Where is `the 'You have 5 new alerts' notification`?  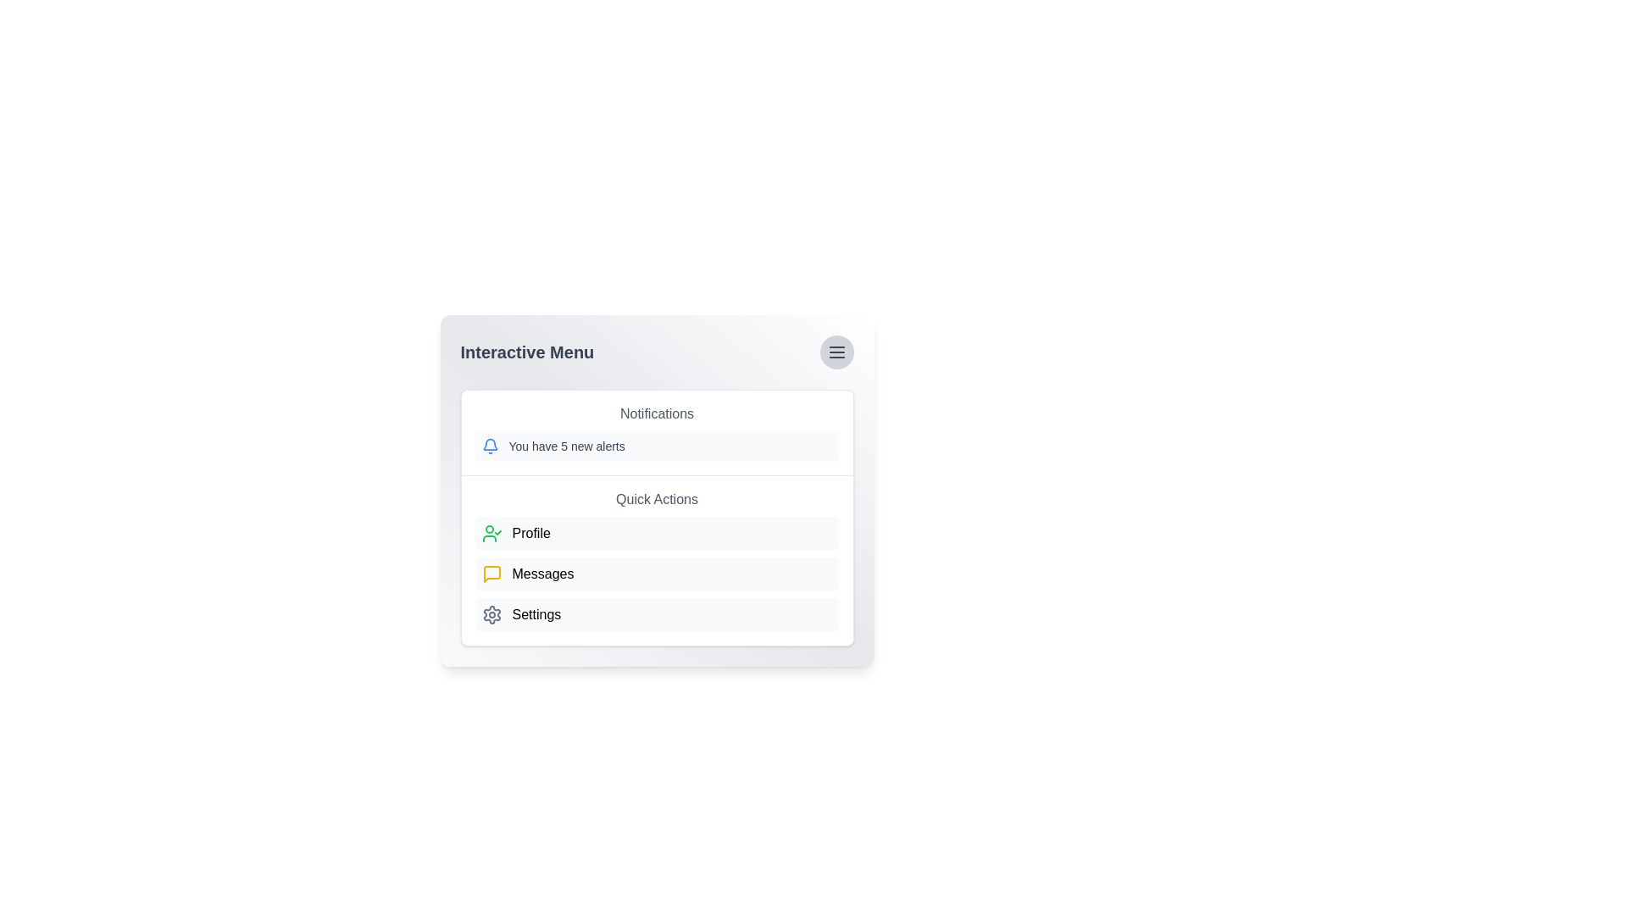 the 'You have 5 new alerts' notification is located at coordinates (656, 446).